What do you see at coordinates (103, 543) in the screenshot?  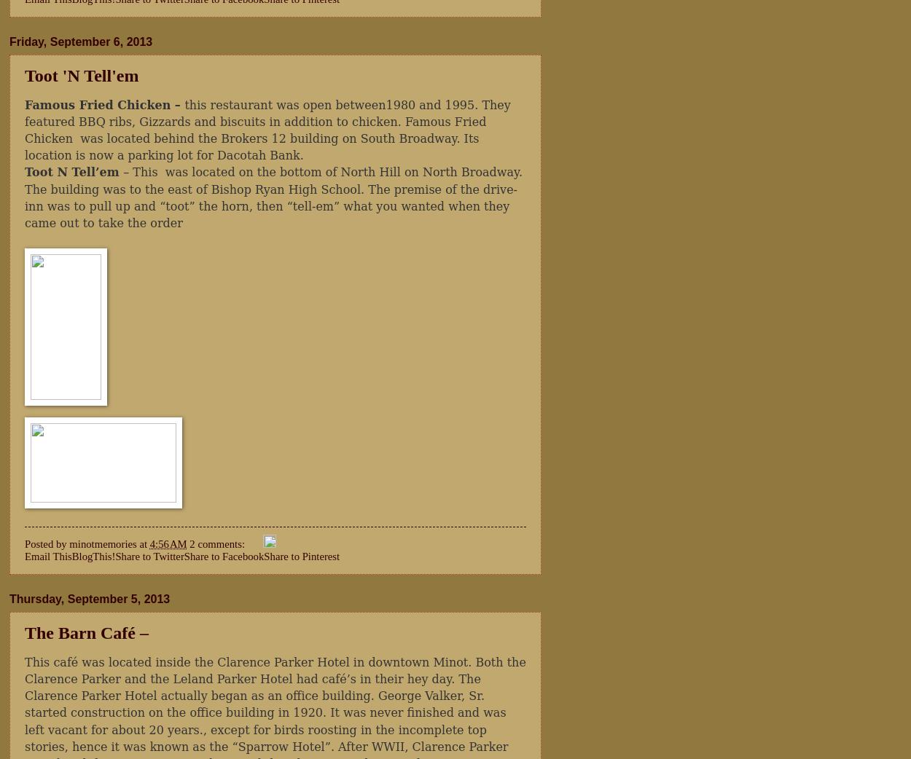 I see `'minotmemories'` at bounding box center [103, 543].